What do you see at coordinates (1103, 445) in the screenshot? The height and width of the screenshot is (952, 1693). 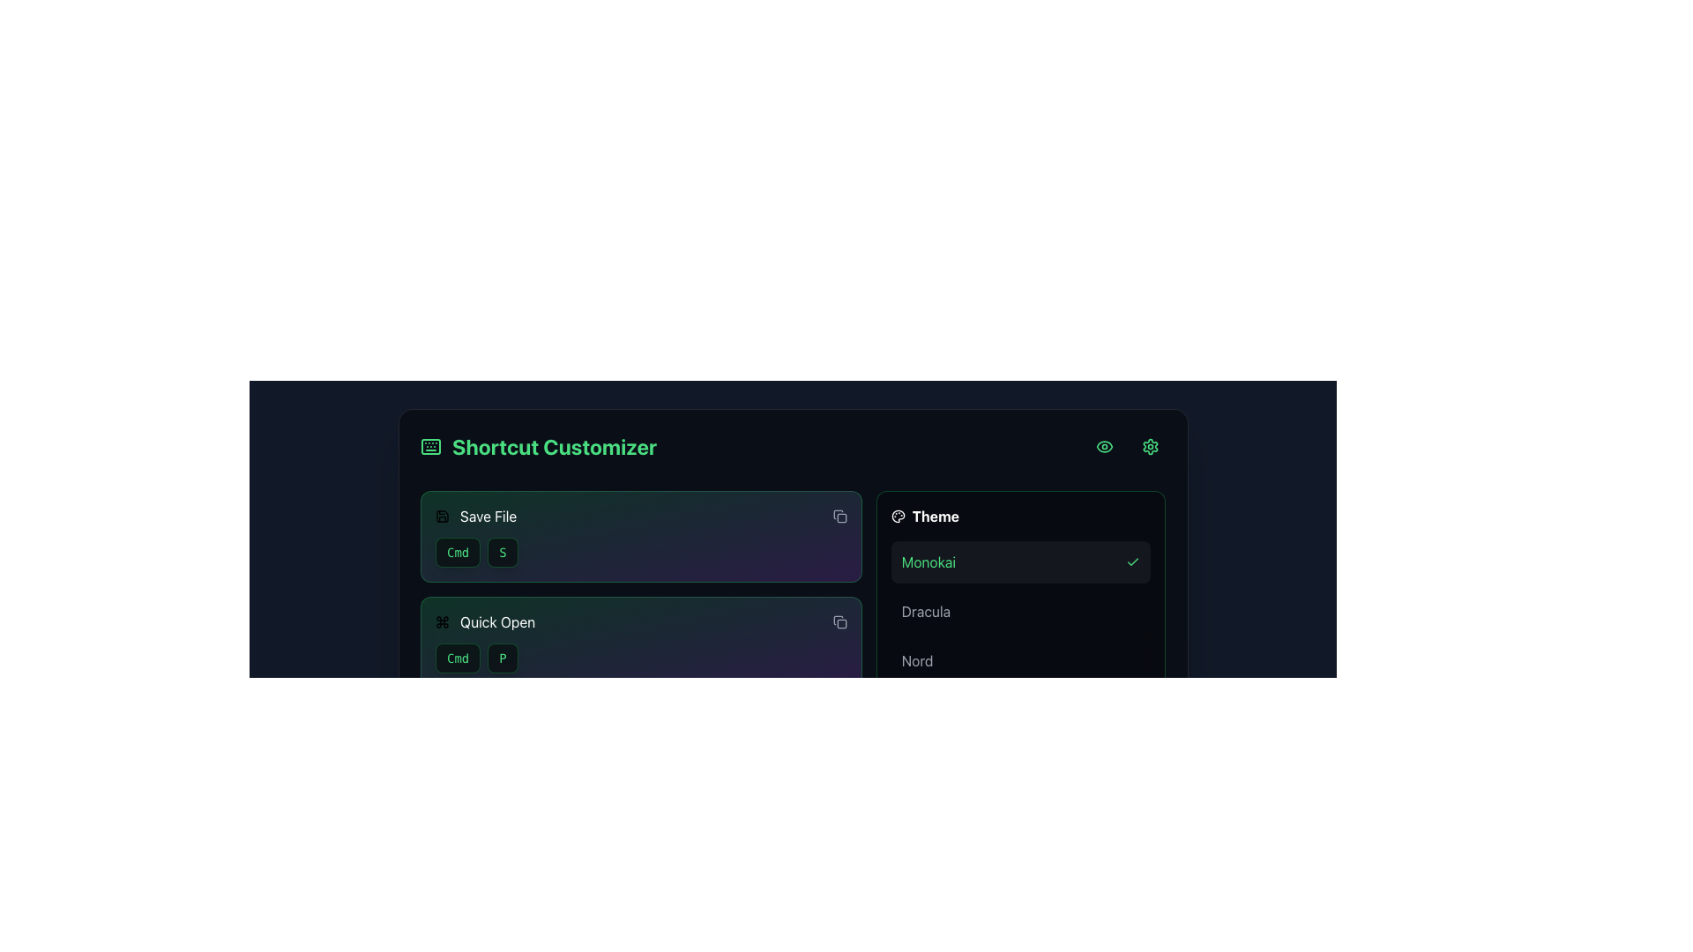 I see `the eye-shaped visibility toggle icon in the top-right corner of the interface` at bounding box center [1103, 445].